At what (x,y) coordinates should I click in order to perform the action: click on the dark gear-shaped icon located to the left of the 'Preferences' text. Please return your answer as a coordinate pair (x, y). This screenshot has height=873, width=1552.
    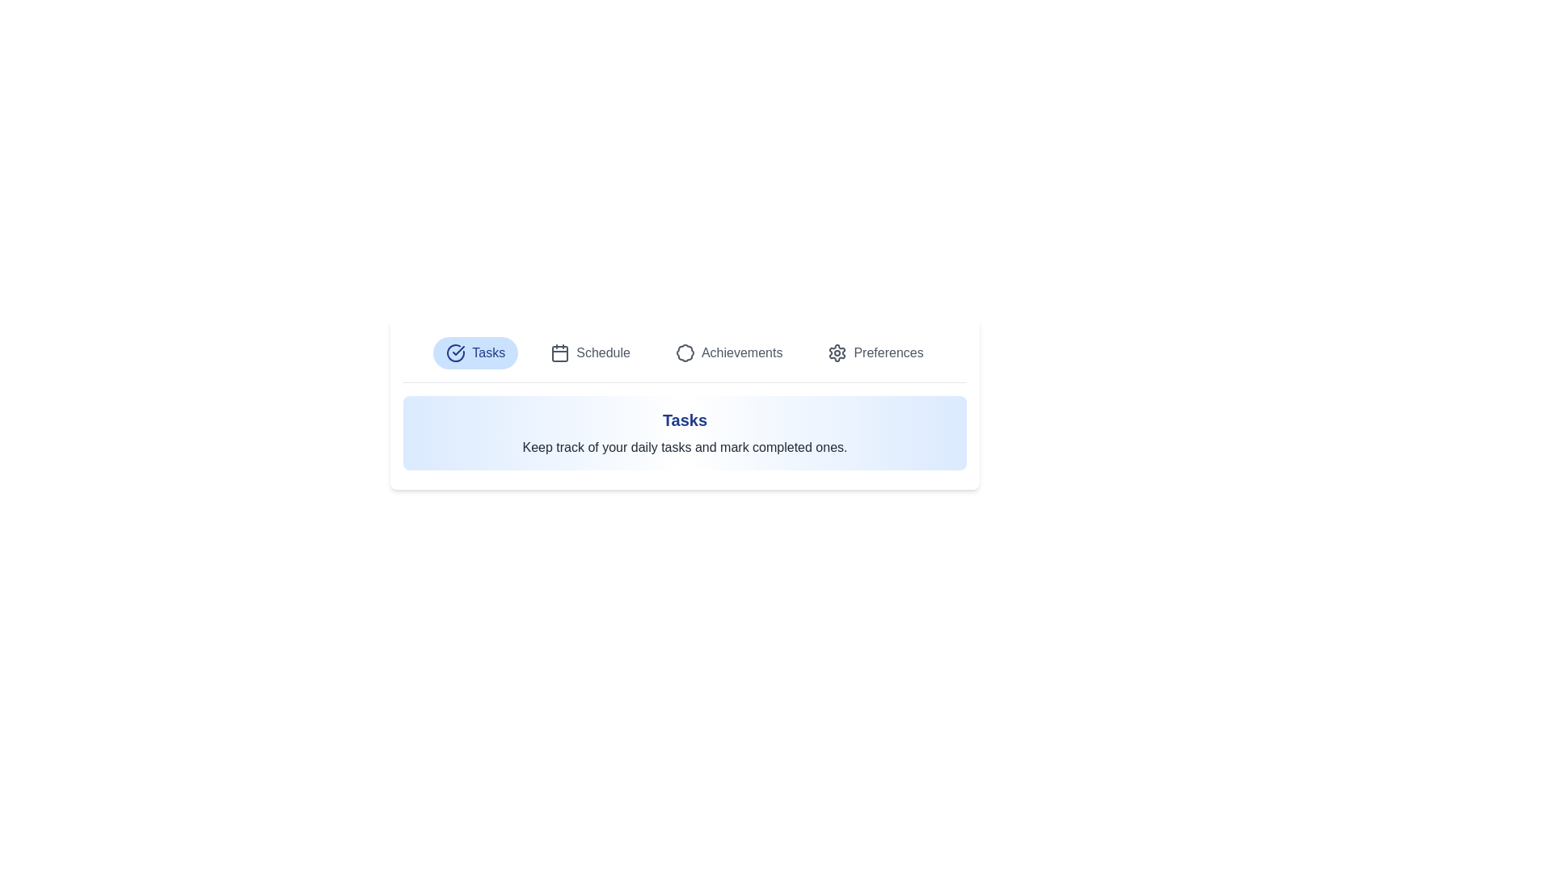
    Looking at the image, I should click on (837, 352).